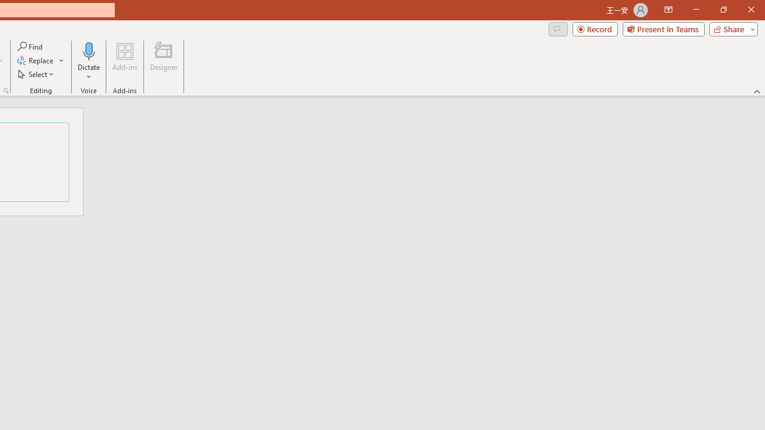 This screenshot has height=430, width=765. Describe the element at coordinates (757, 91) in the screenshot. I see `'Collapse the Ribbon'` at that location.